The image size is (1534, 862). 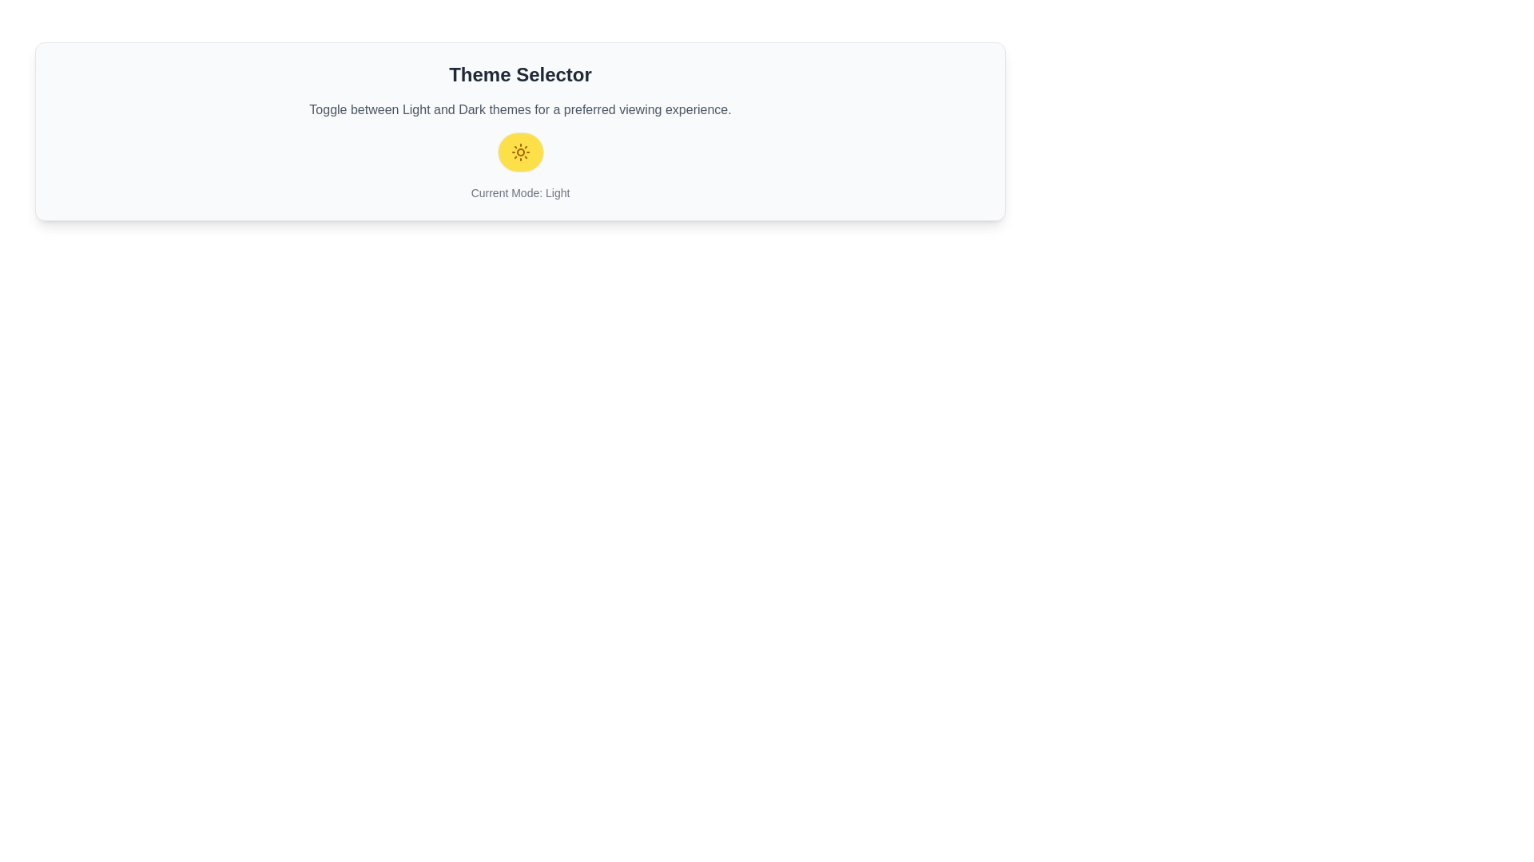 What do you see at coordinates (520, 152) in the screenshot?
I see `the circular yellow button with a sun icon` at bounding box center [520, 152].